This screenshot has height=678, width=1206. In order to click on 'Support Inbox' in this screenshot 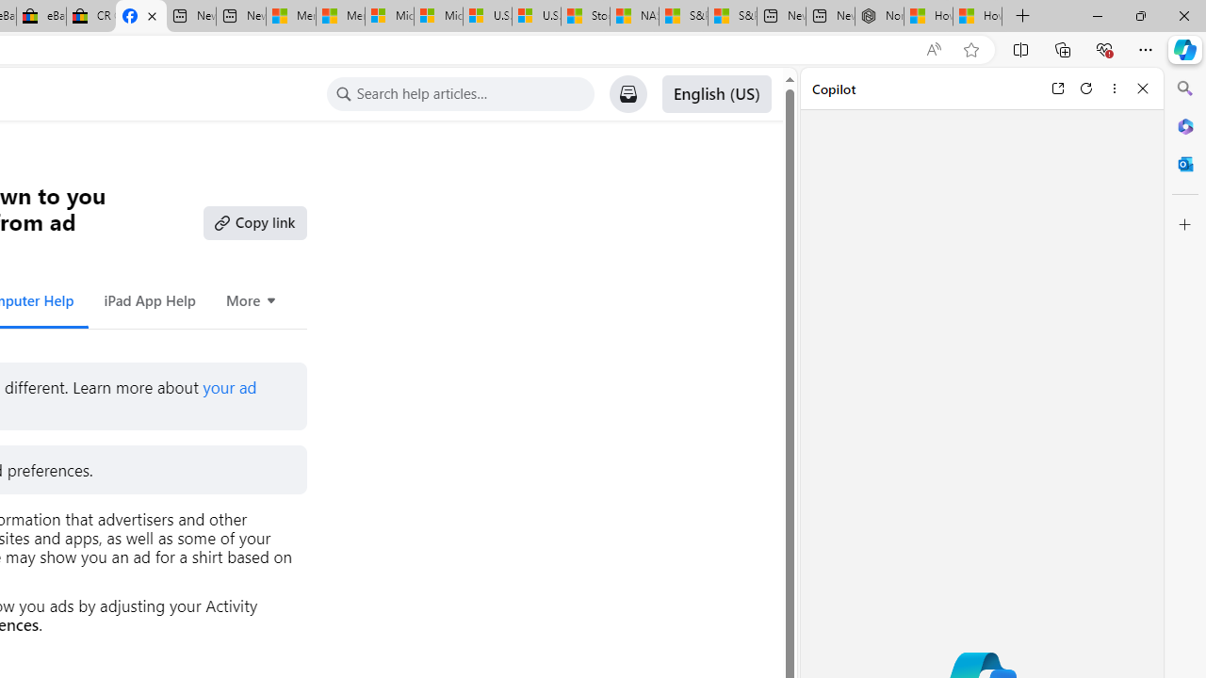, I will do `click(627, 94)`.